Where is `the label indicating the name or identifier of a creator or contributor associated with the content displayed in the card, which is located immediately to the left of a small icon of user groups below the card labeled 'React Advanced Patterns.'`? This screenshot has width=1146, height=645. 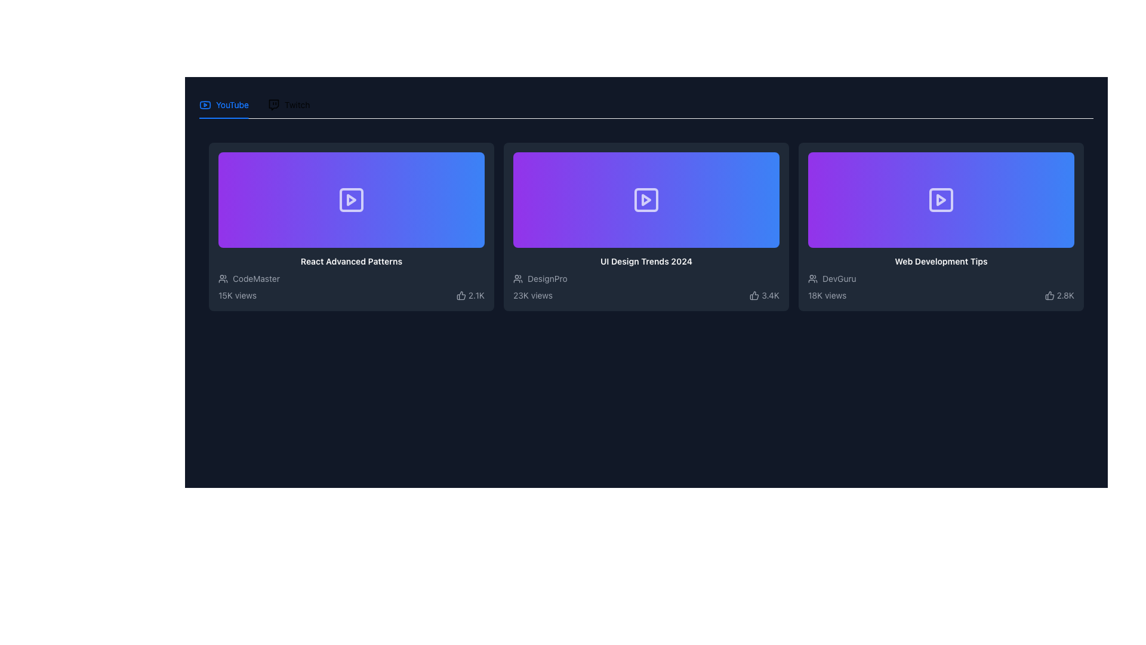 the label indicating the name or identifier of a creator or contributor associated with the content displayed in the card, which is located immediately to the left of a small icon of user groups below the card labeled 'React Advanced Patterns.' is located at coordinates (255, 278).